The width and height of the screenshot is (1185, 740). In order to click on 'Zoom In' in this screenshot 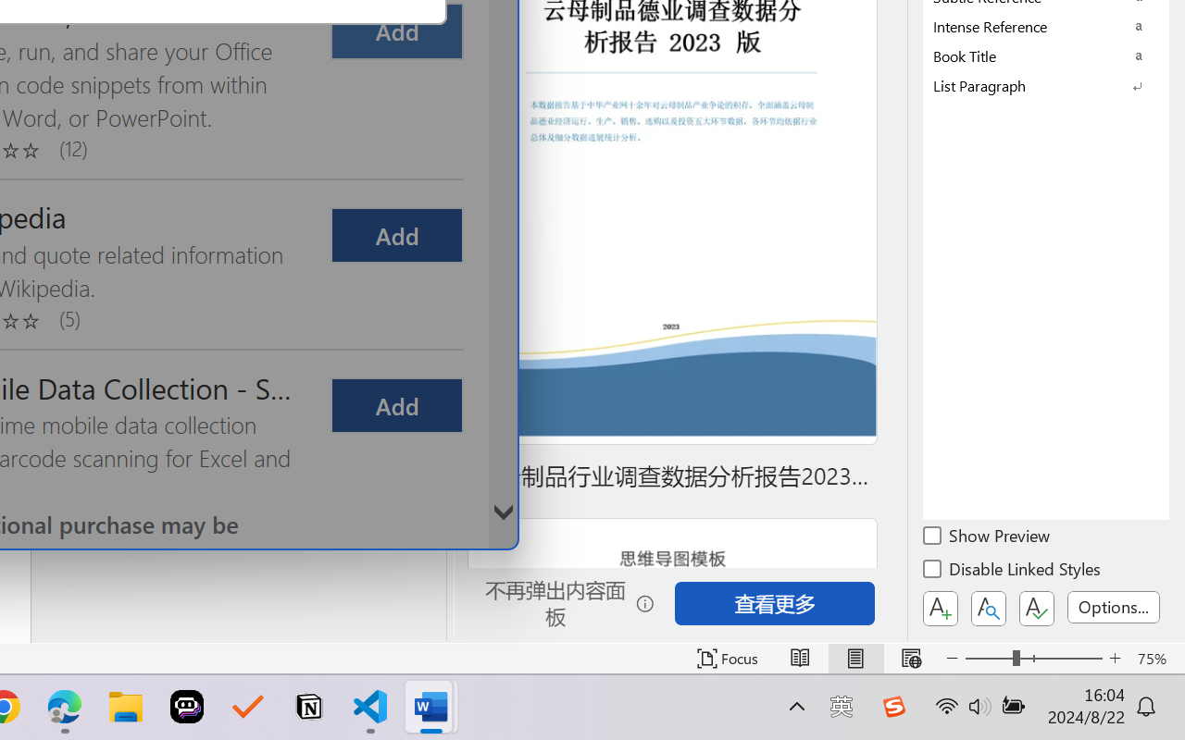, I will do `click(1115, 658)`.